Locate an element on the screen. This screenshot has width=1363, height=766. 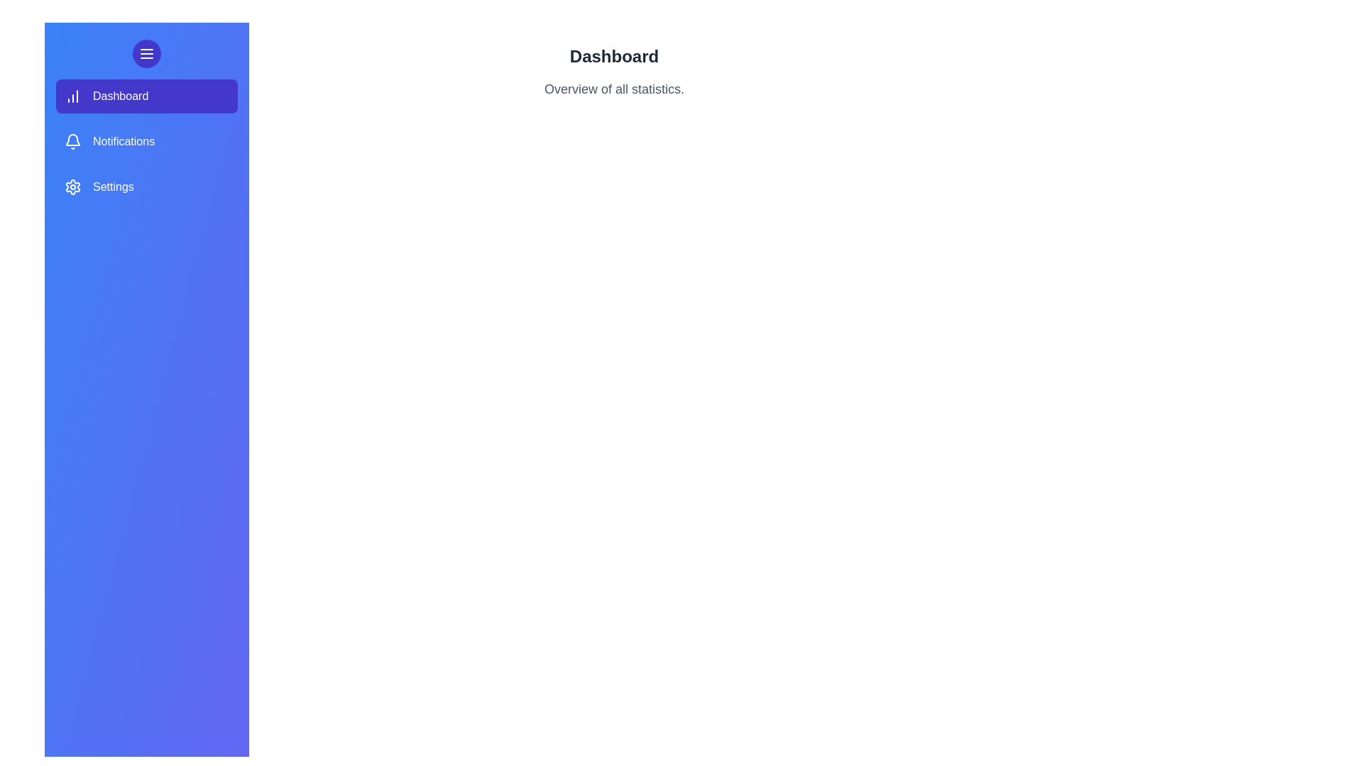
the tab Dashboard from the side menu is located at coordinates (146, 96).